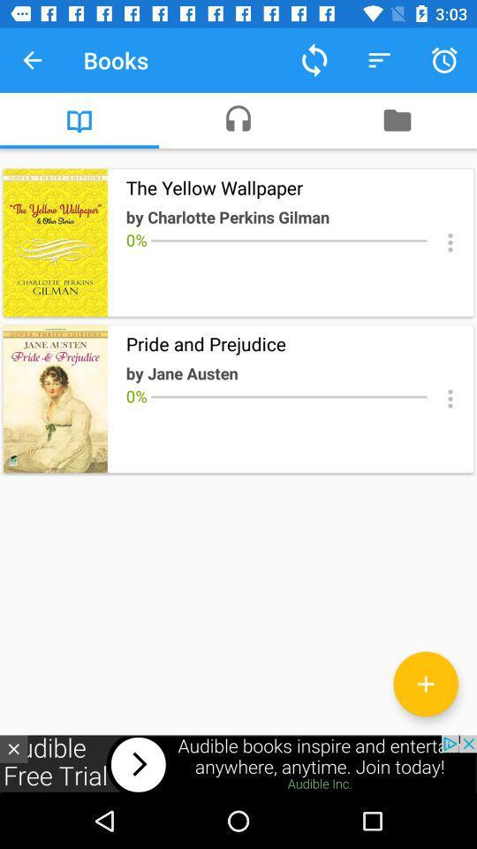 The height and width of the screenshot is (849, 477). Describe the element at coordinates (450, 399) in the screenshot. I see `more information` at that location.